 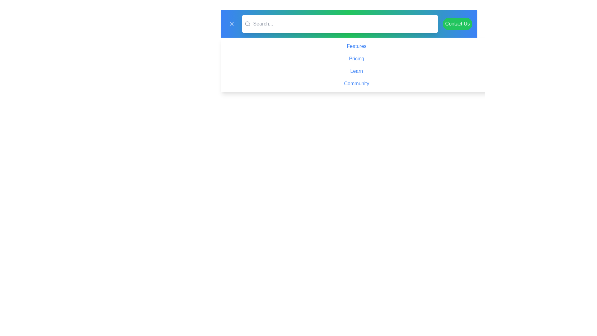 What do you see at coordinates (457, 24) in the screenshot?
I see `the green 'Contact Us' button located at the far-right side of the horizontal bar` at bounding box center [457, 24].